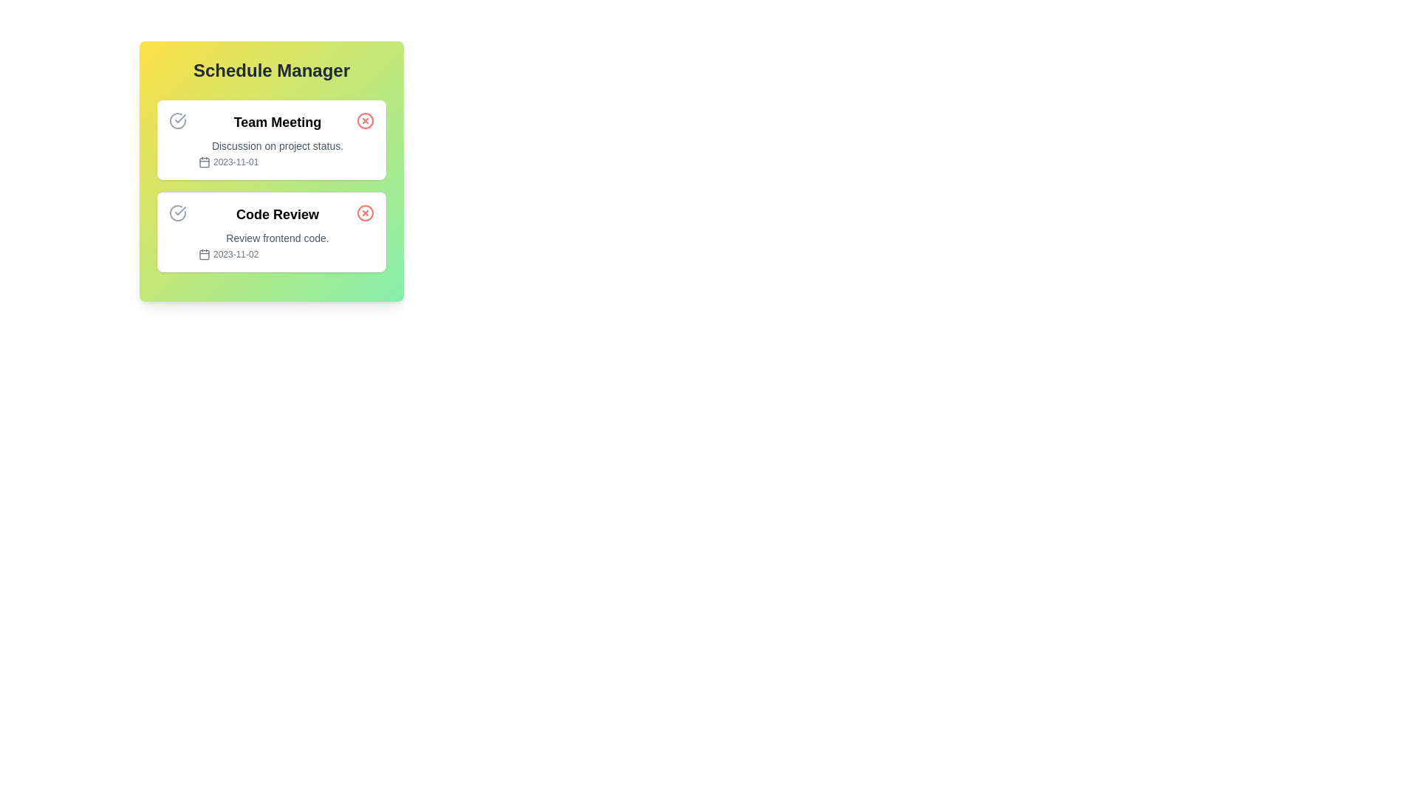 Image resolution: width=1418 pixels, height=797 pixels. I want to click on the checkmark icon on the left side of the 'Team Meeting' event card in the 'Schedule Manager' interface, so click(179, 210).